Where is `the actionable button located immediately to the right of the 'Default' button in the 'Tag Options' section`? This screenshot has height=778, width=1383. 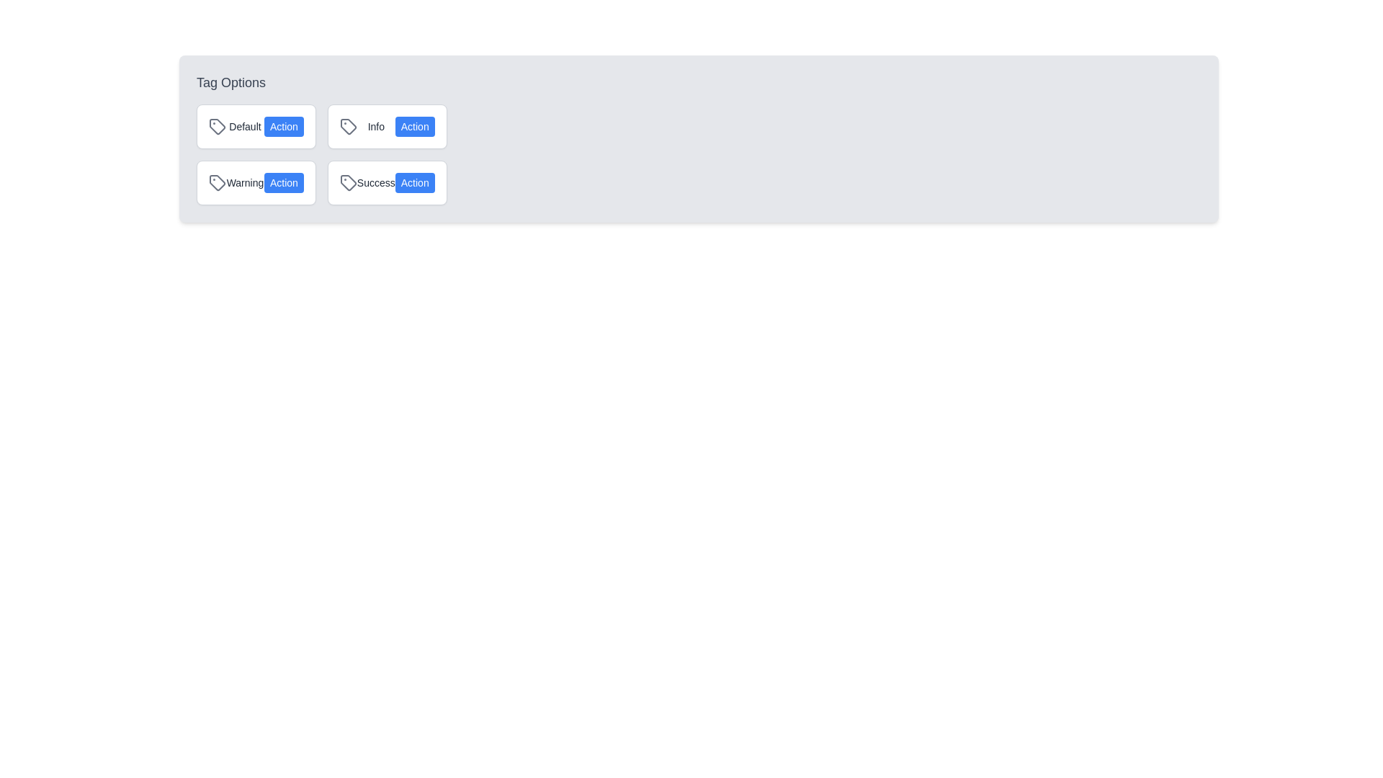
the actionable button located immediately to the right of the 'Default' button in the 'Tag Options' section is located at coordinates (284, 126).